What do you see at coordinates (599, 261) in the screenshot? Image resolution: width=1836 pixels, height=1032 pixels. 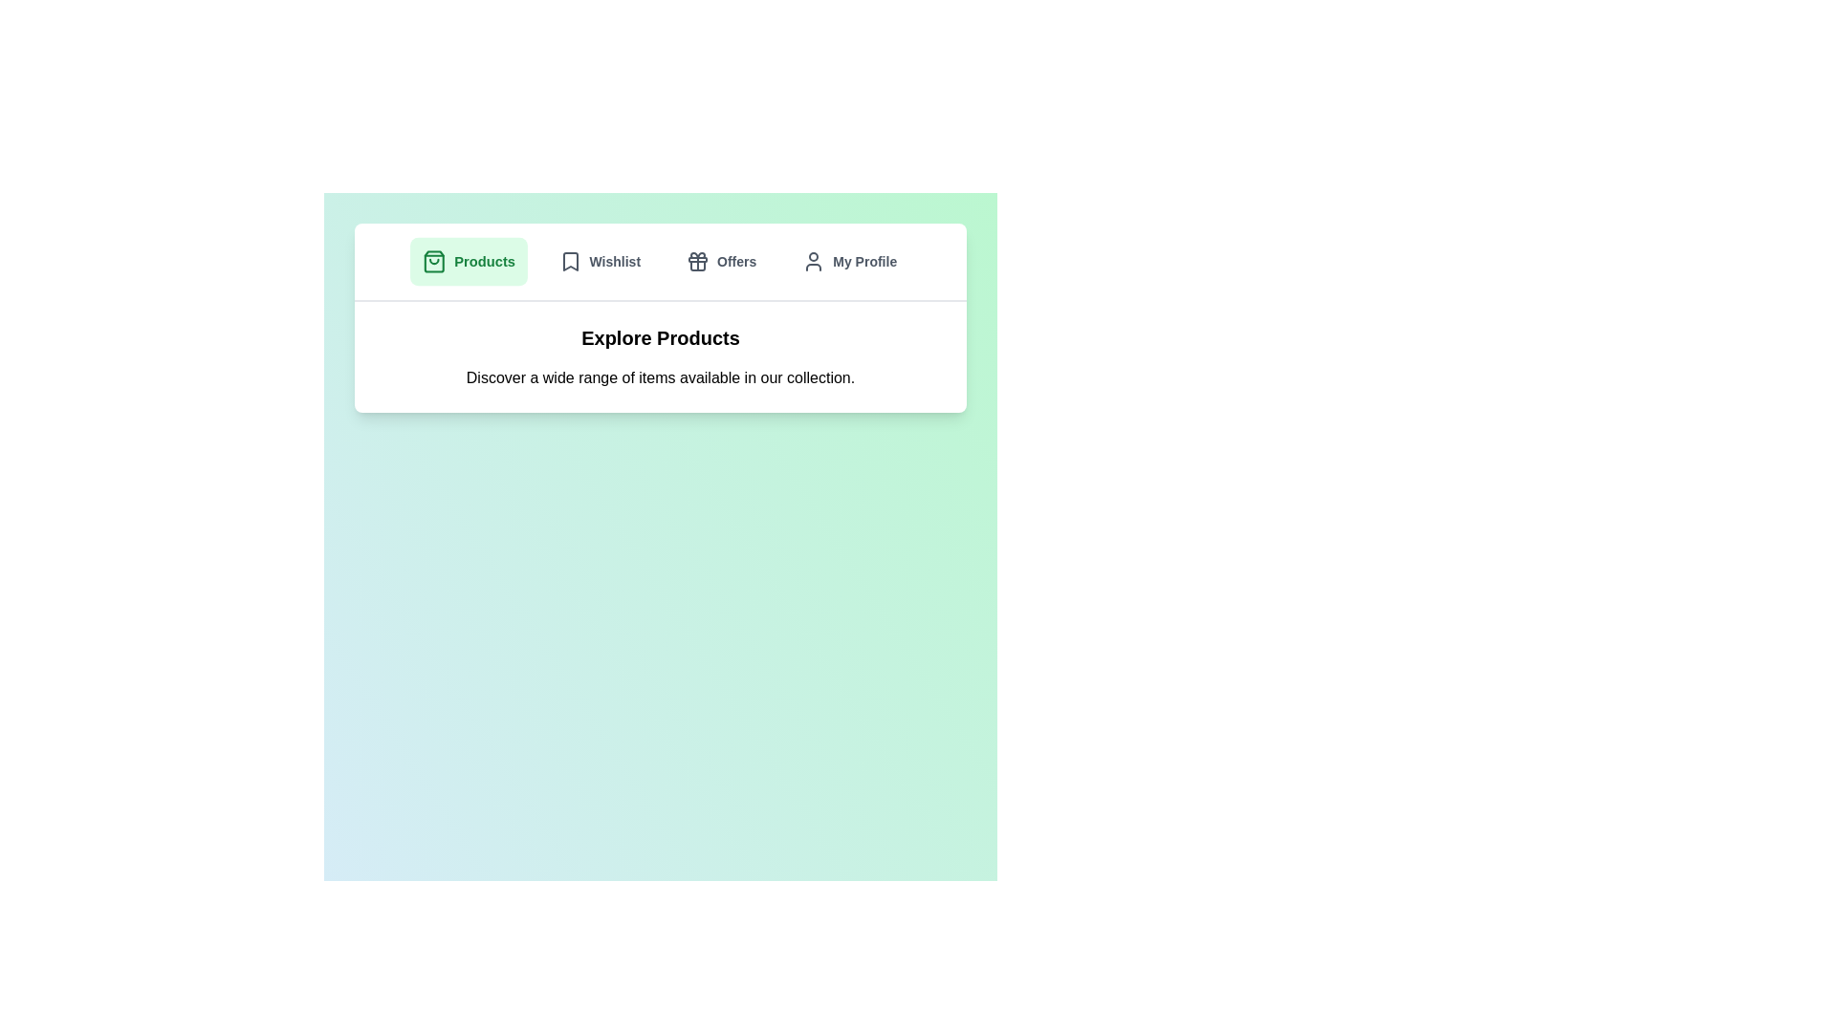 I see `the navigation button that redirects to the Wishlist section, positioned between the 'Products' and 'Offers' buttons, to observe the hover effect` at bounding box center [599, 261].